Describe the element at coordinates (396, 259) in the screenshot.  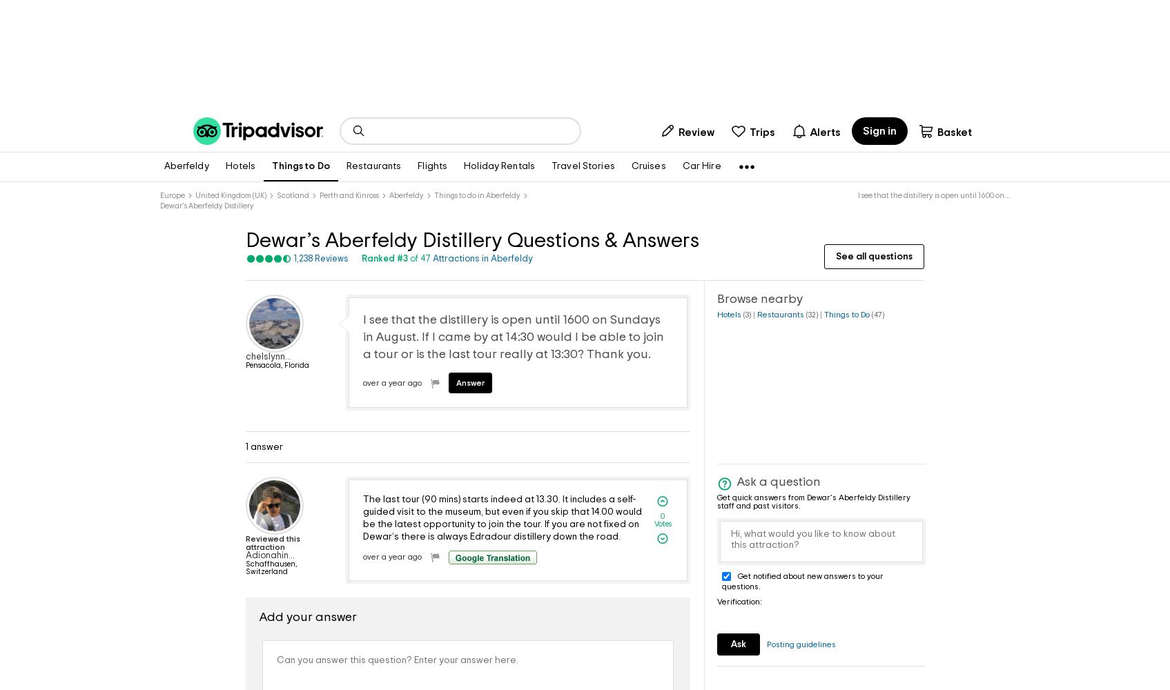
I see `'#3'` at that location.